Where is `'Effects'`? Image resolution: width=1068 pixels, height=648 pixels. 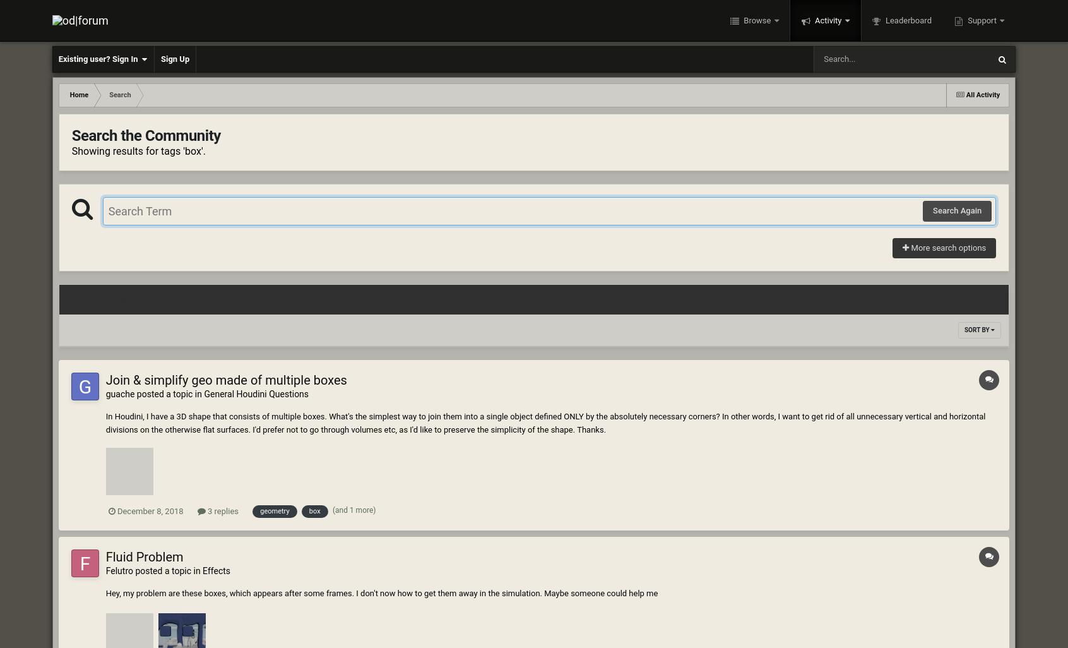 'Effects' is located at coordinates (215, 570).